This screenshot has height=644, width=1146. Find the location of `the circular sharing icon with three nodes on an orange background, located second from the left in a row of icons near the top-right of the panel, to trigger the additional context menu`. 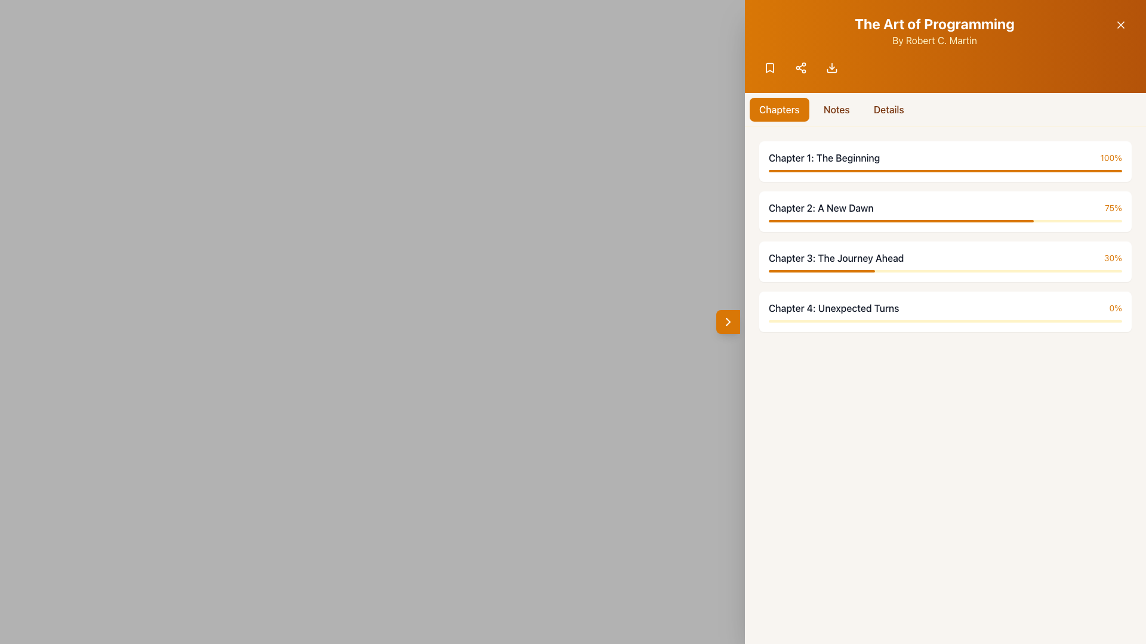

the circular sharing icon with three nodes on an orange background, located second from the left in a row of icons near the top-right of the panel, to trigger the additional context menu is located at coordinates (801, 68).